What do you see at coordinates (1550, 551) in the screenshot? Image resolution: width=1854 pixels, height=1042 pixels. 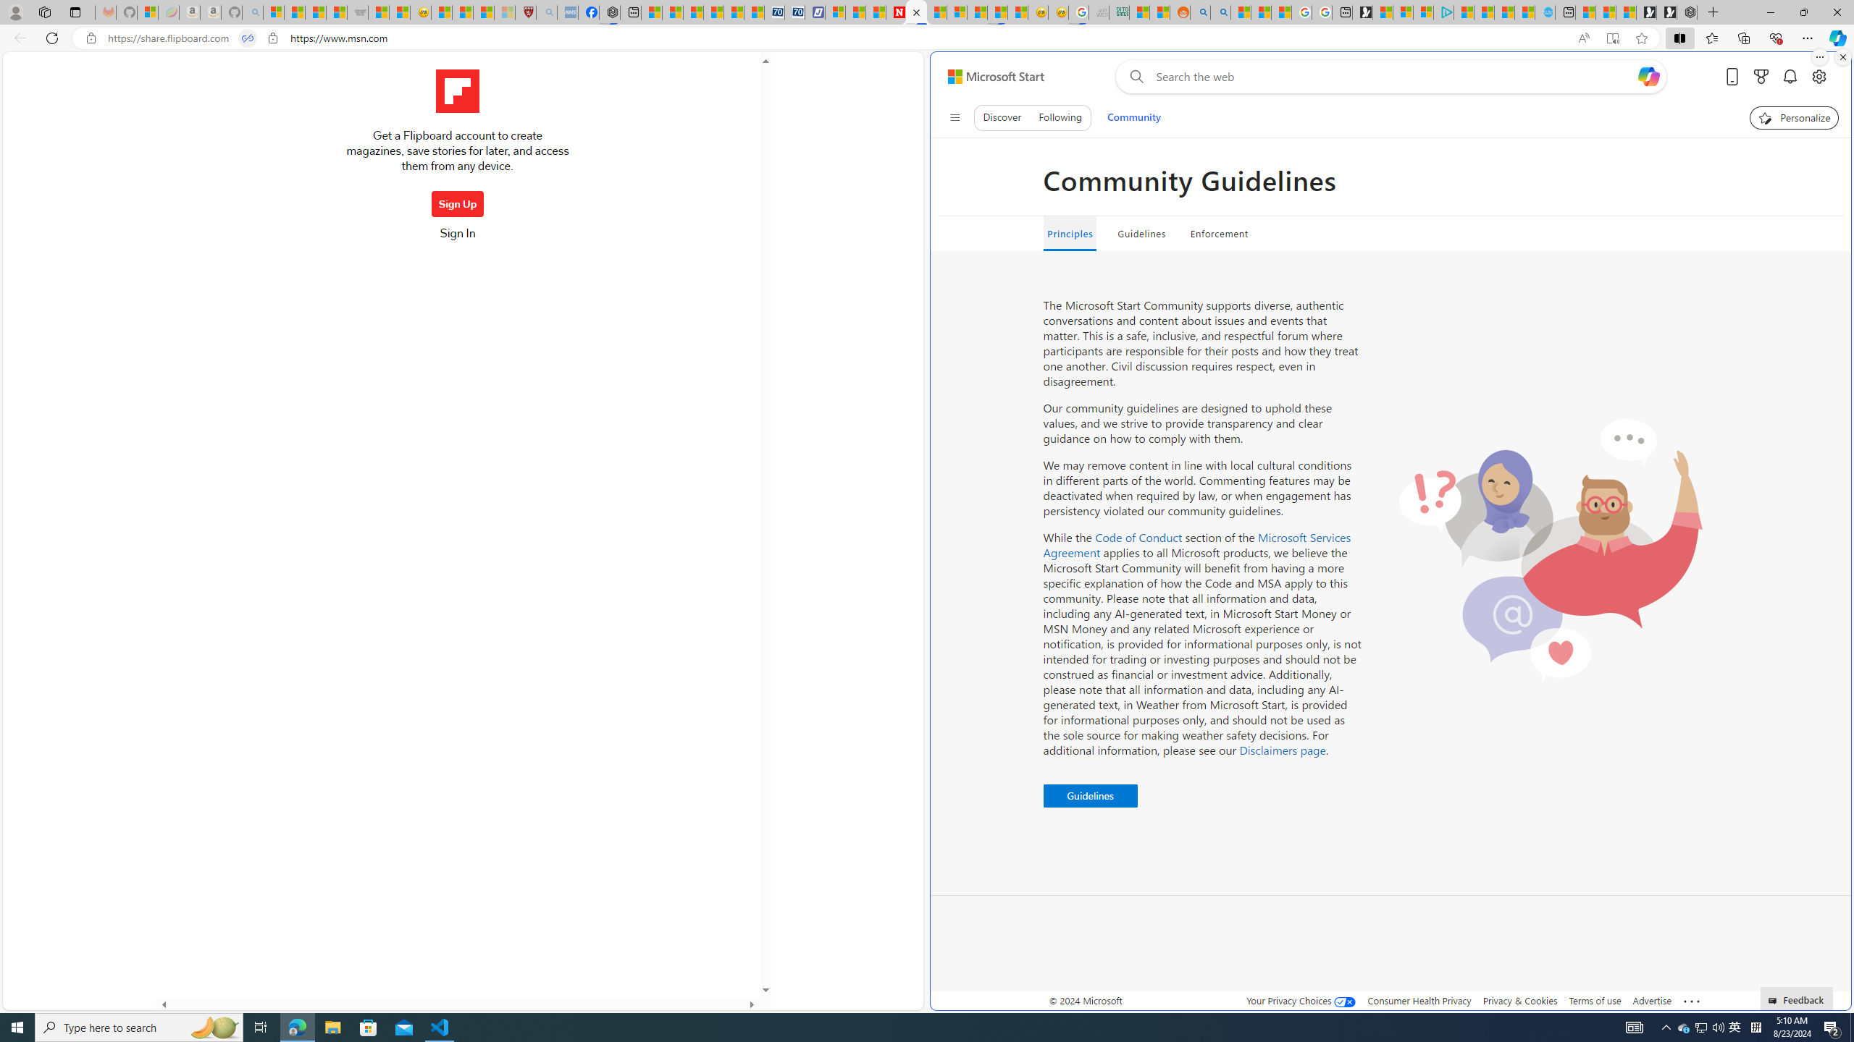 I see `'Two people reacting contents'` at bounding box center [1550, 551].